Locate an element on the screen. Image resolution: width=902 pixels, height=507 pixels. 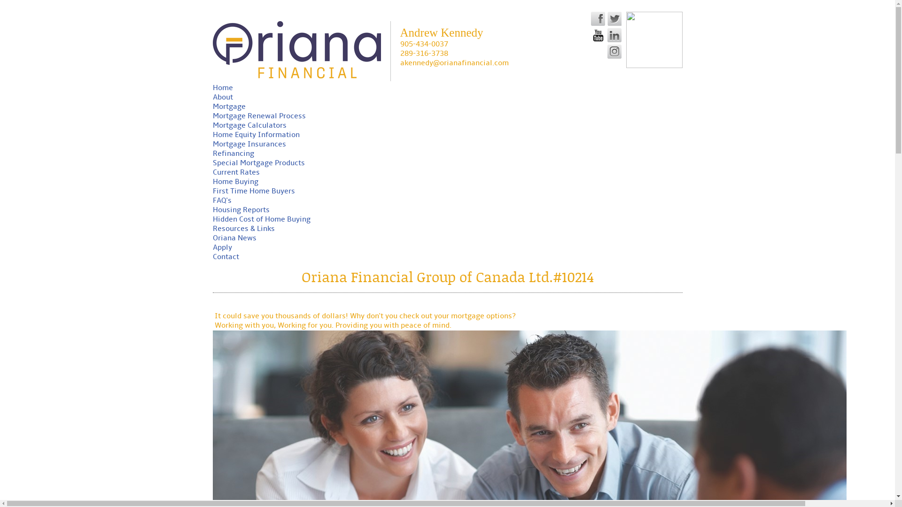
'FAQ's' is located at coordinates (221, 200).